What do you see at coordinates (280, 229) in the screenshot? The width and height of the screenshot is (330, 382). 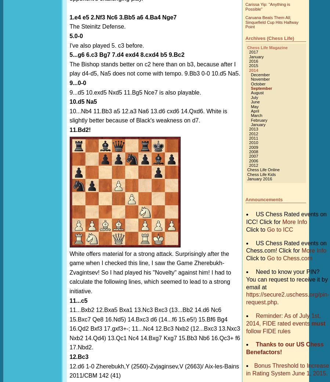 I see `'Go to ICC'` at bounding box center [280, 229].